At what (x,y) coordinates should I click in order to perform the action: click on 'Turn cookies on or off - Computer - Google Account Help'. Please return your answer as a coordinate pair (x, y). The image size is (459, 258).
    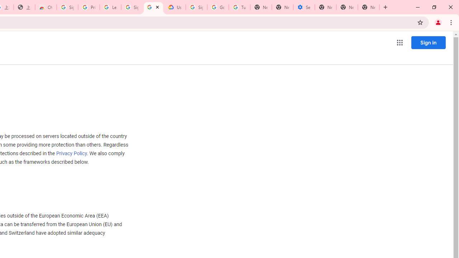
    Looking at the image, I should click on (239, 7).